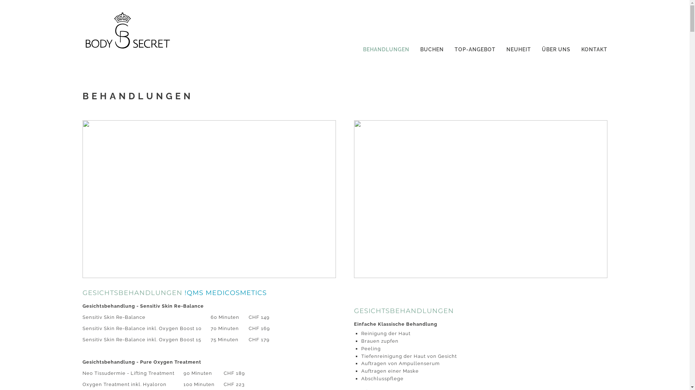  I want to click on 'BEHANDLUNGEN', so click(385, 47).